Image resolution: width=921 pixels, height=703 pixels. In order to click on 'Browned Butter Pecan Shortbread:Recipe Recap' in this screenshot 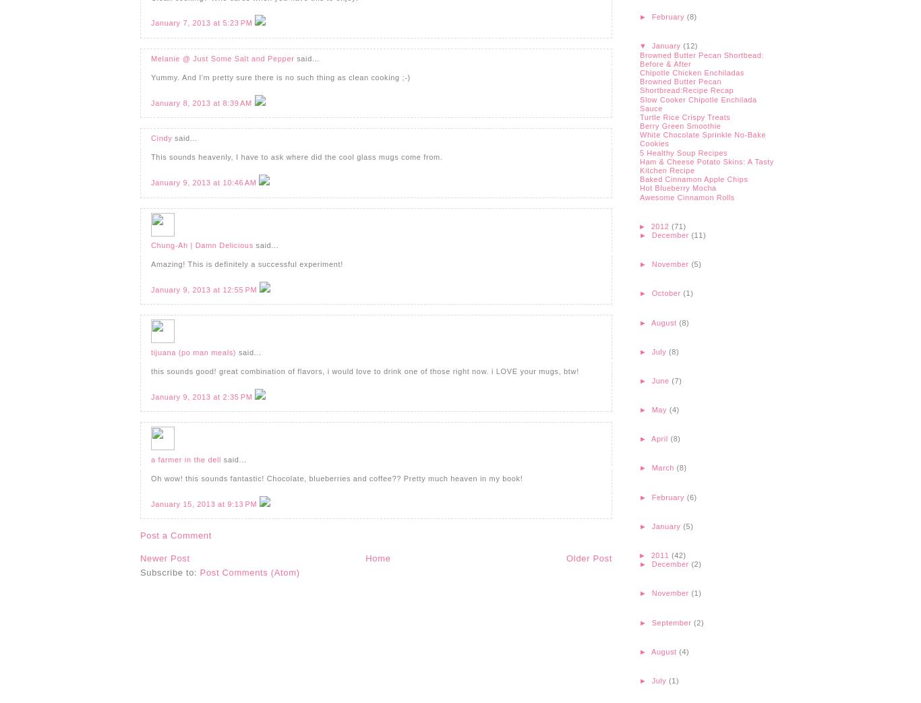, I will do `click(686, 86)`.